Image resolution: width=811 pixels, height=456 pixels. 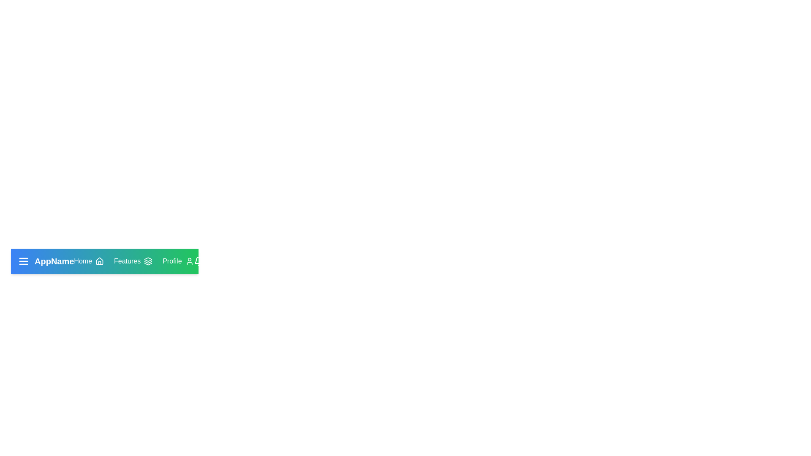 What do you see at coordinates (198, 261) in the screenshot?
I see `the interactive element NotificationIcon to view its hover effect` at bounding box center [198, 261].